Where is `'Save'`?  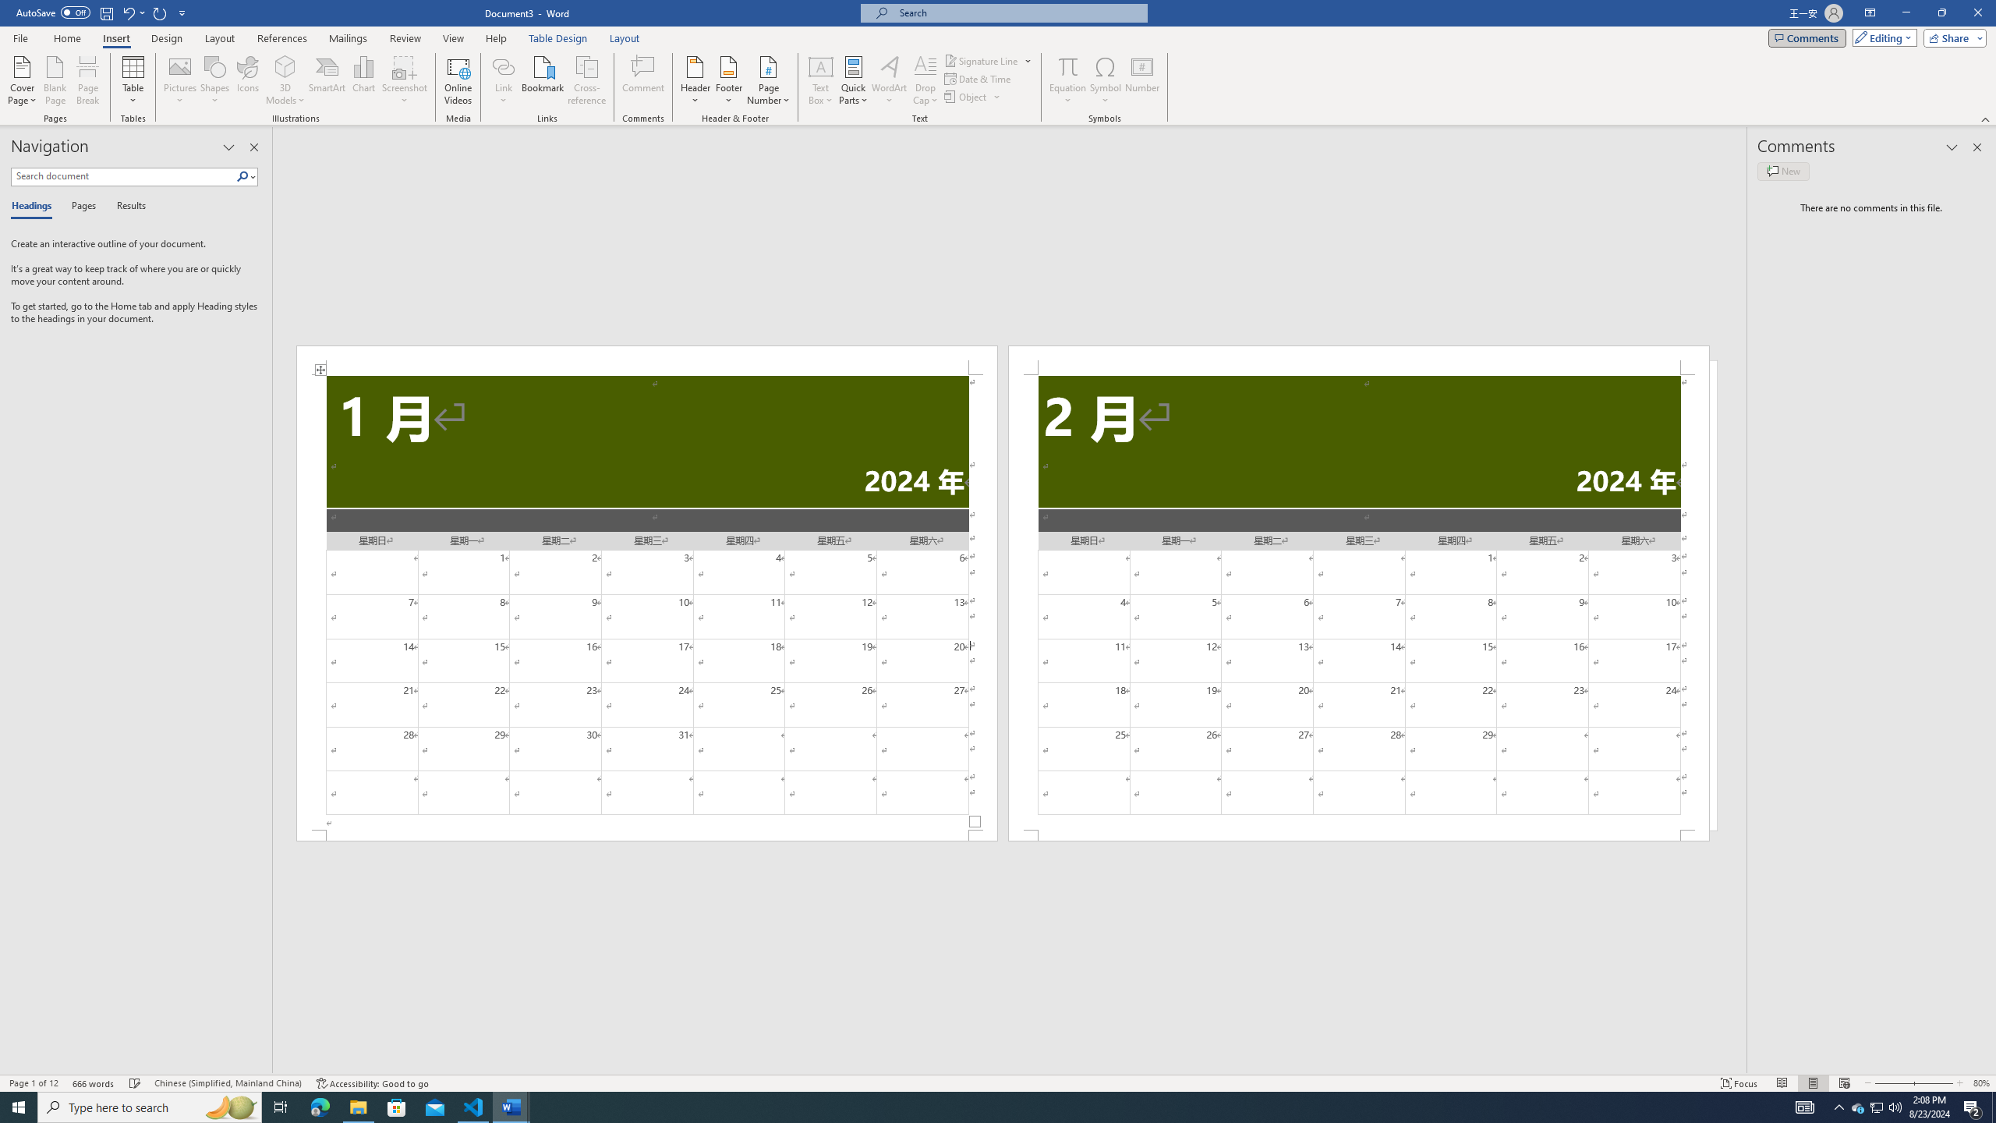
'Save' is located at coordinates (105, 12).